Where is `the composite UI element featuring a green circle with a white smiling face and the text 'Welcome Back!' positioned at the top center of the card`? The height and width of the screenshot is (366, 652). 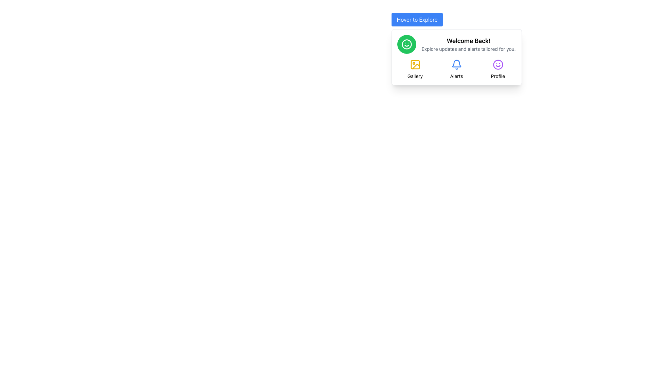 the composite UI element featuring a green circle with a white smiling face and the text 'Welcome Back!' positioned at the top center of the card is located at coordinates (456, 44).